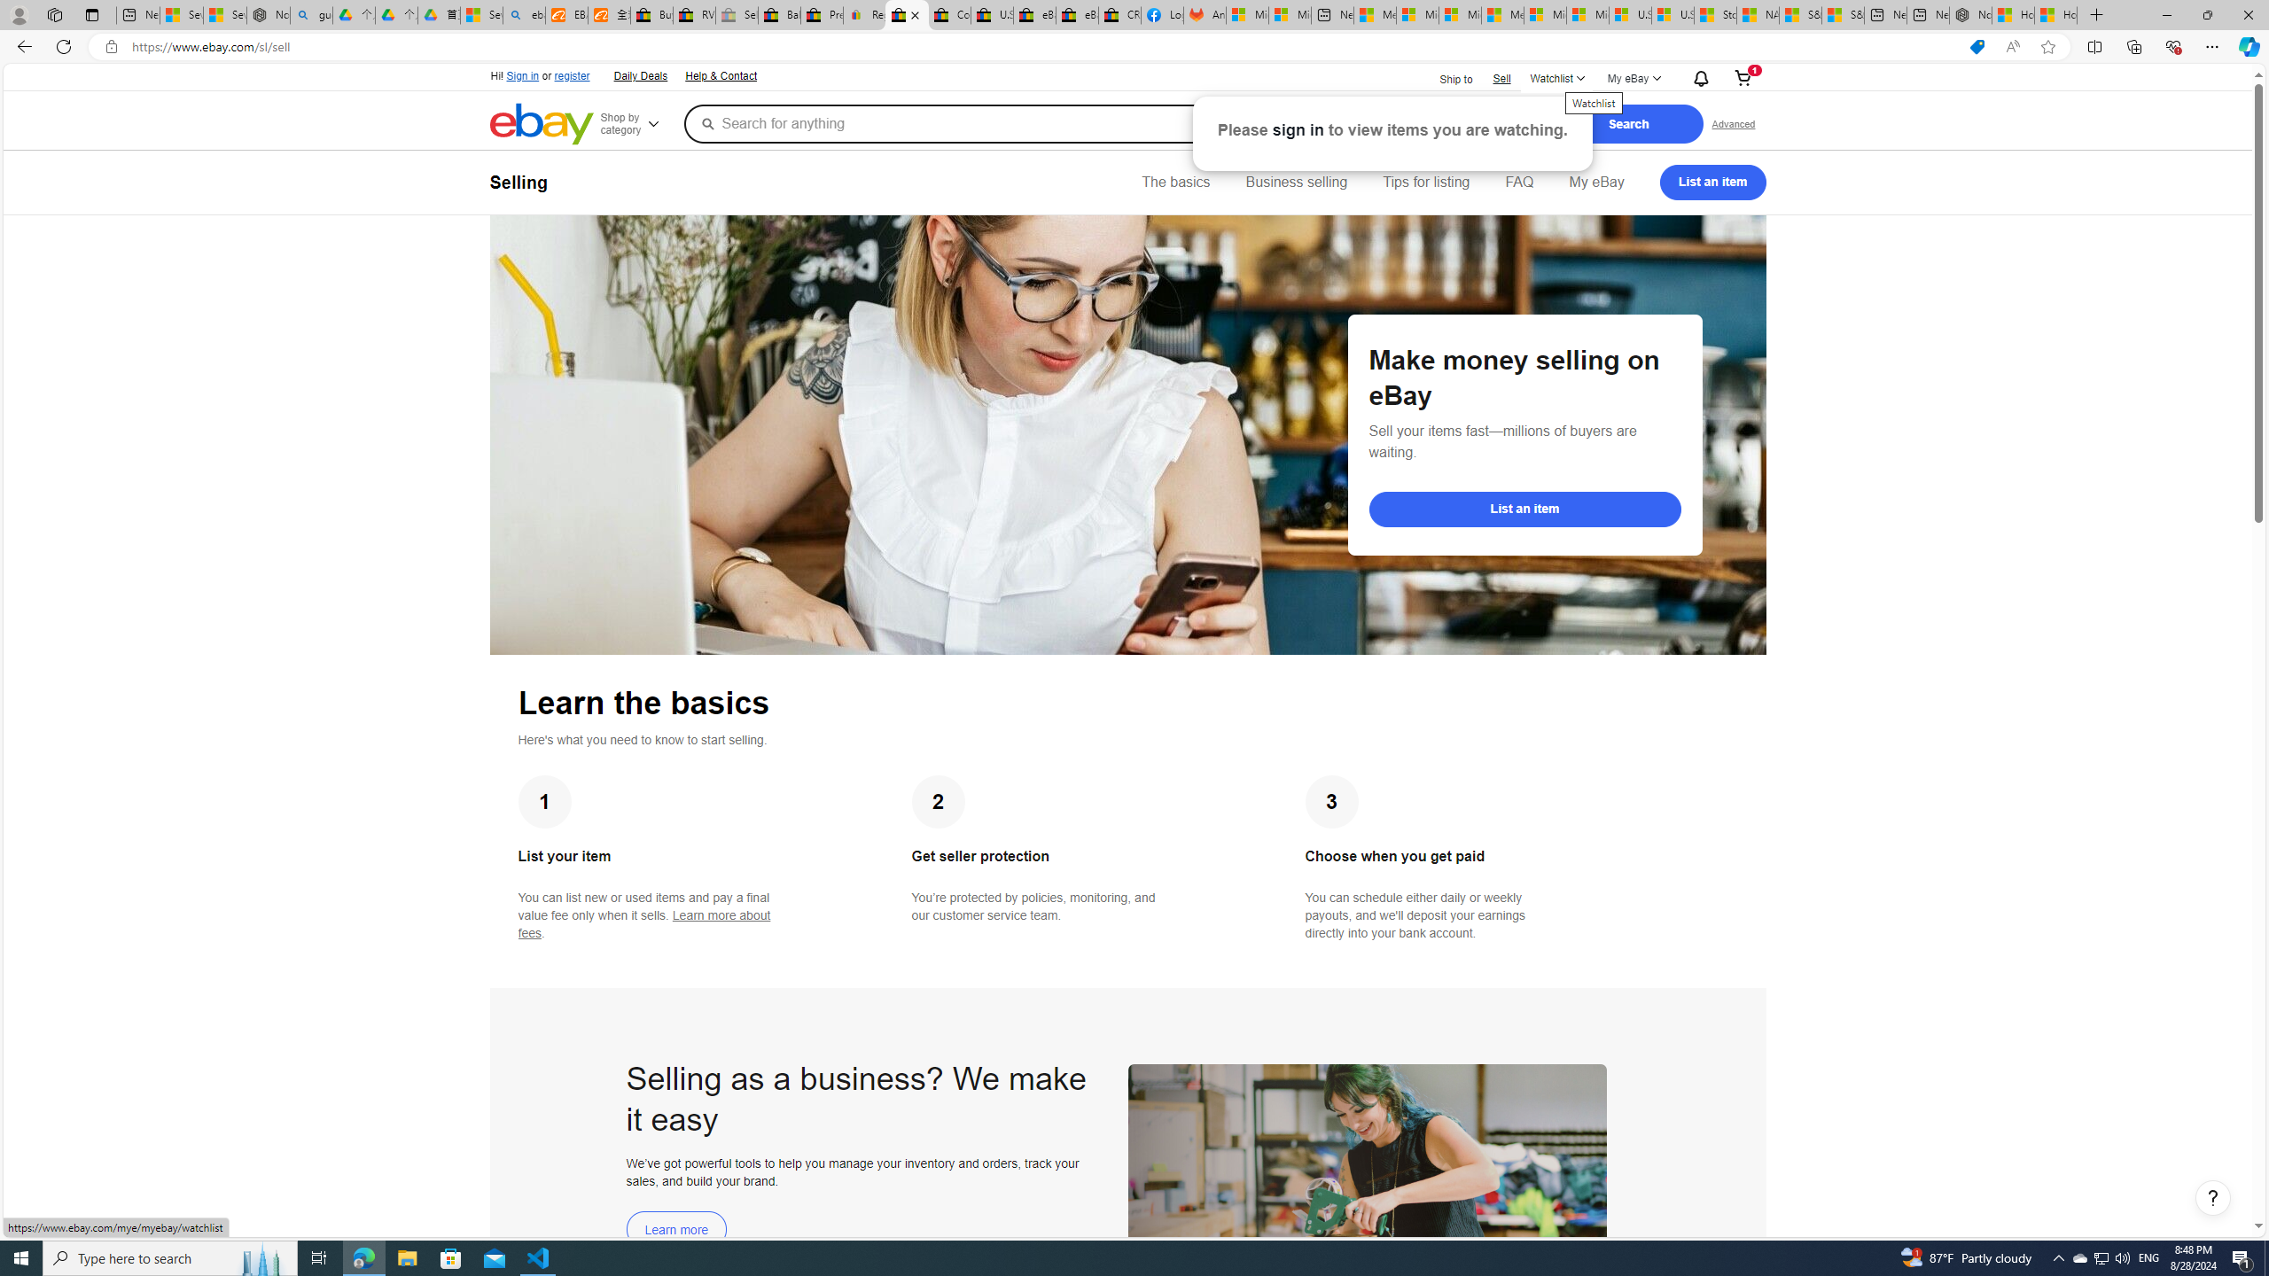 Image resolution: width=2269 pixels, height=1276 pixels. What do you see at coordinates (1297, 181) in the screenshot?
I see `'Business selling'` at bounding box center [1297, 181].